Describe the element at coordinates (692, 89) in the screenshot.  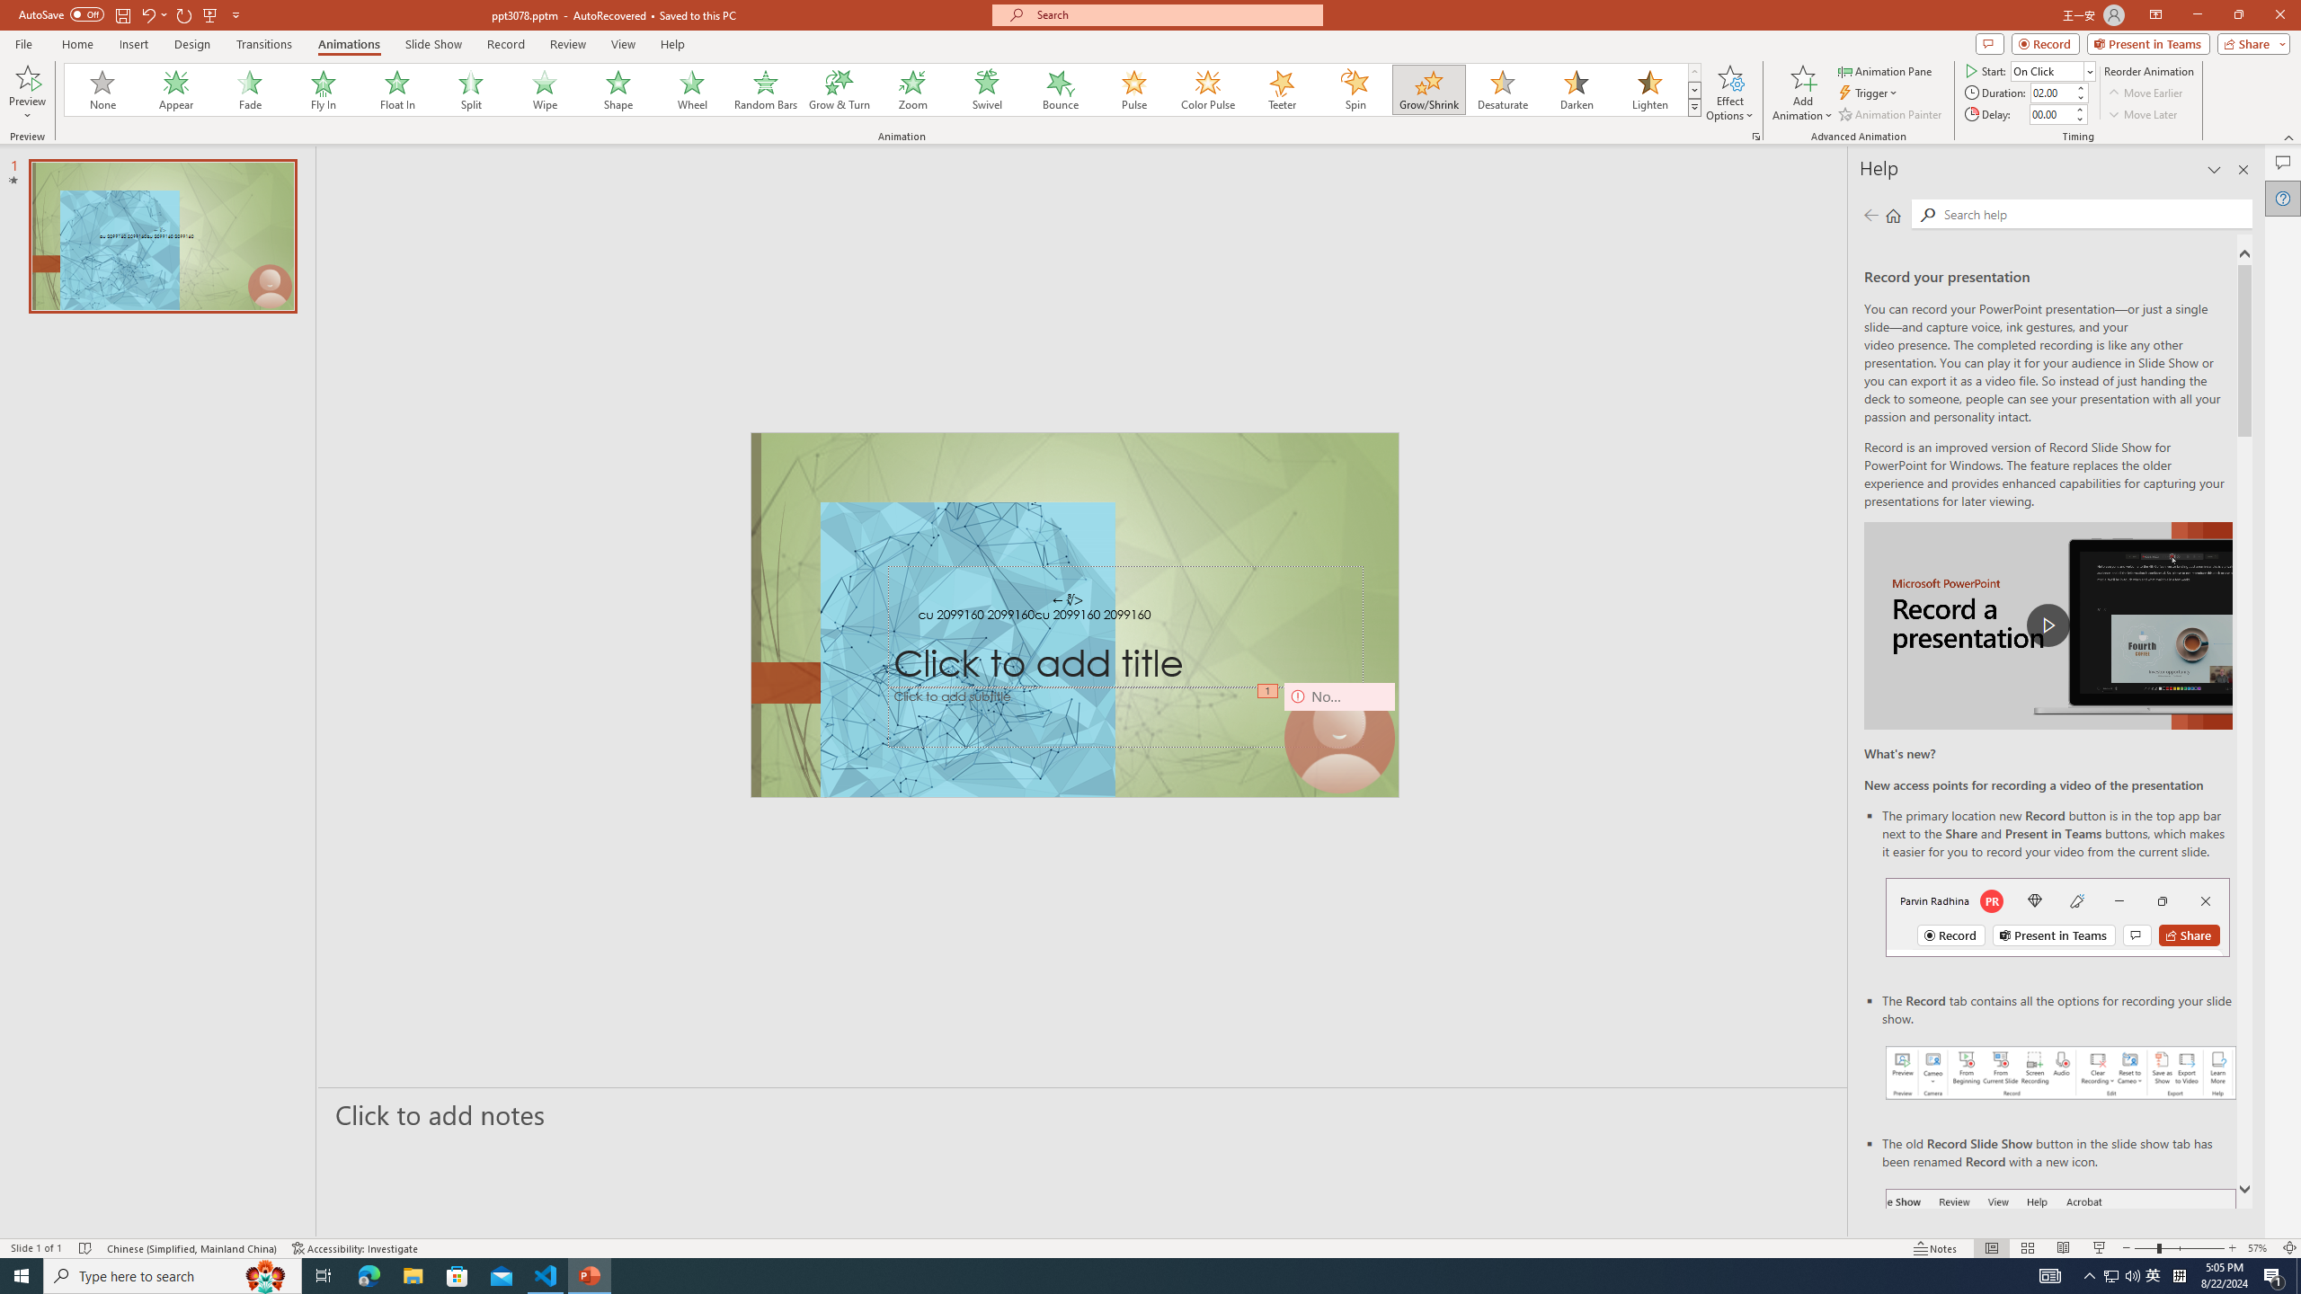
I see `'Wheel'` at that location.